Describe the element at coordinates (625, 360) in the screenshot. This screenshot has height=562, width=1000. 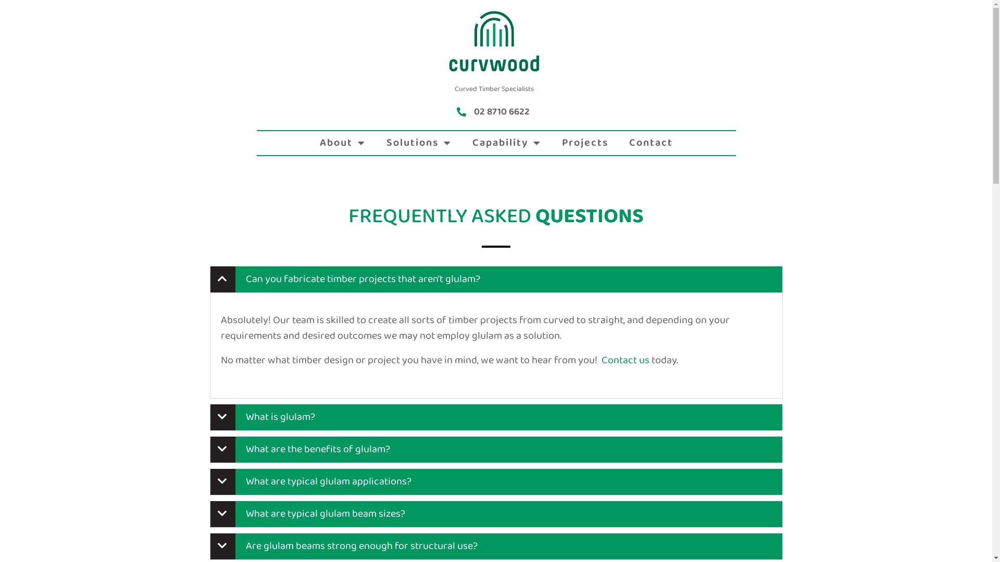
I see `'Contact us'` at that location.